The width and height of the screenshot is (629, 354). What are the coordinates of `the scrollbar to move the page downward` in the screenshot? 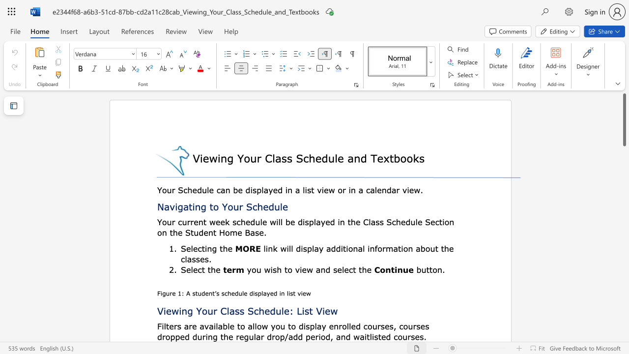 It's located at (624, 265).